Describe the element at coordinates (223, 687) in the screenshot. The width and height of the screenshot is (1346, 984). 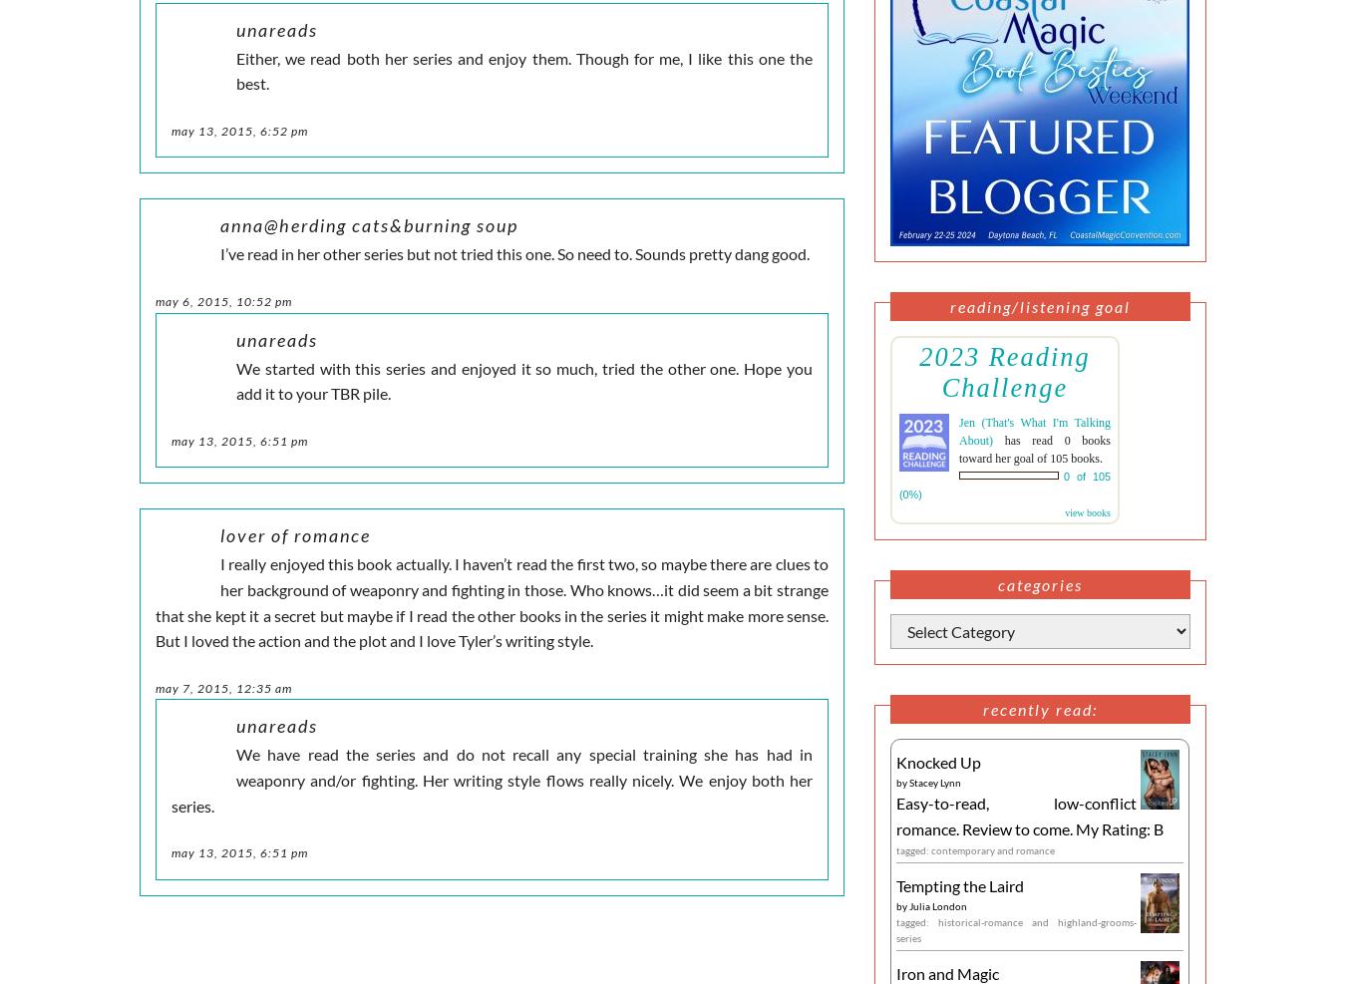
I see `'May 7, 2015, 12:35 am'` at that location.